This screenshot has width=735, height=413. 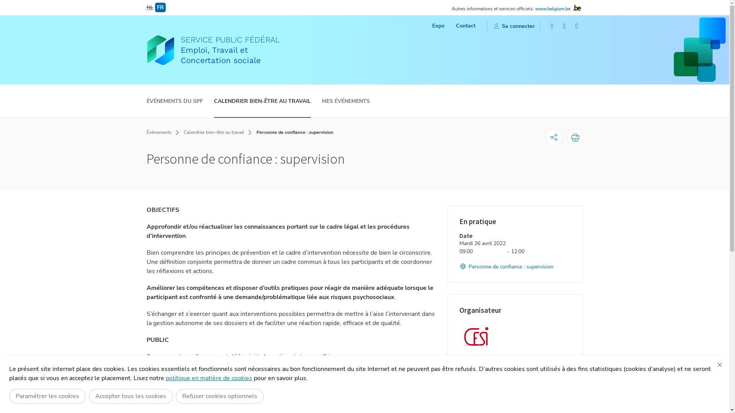 I want to click on 'Options de partage', so click(x=553, y=137).